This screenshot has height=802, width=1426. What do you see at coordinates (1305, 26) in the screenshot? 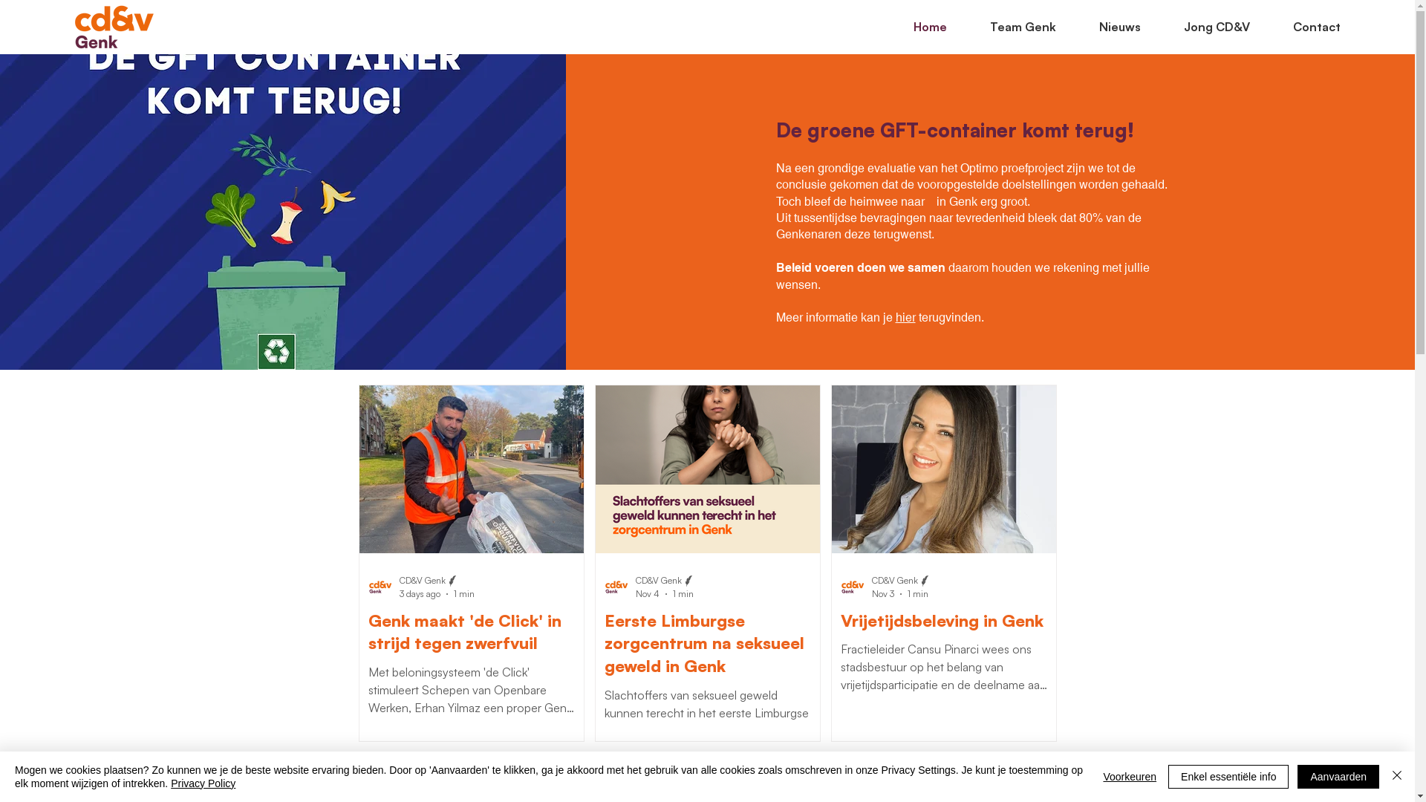
I see `'Contact'` at bounding box center [1305, 26].